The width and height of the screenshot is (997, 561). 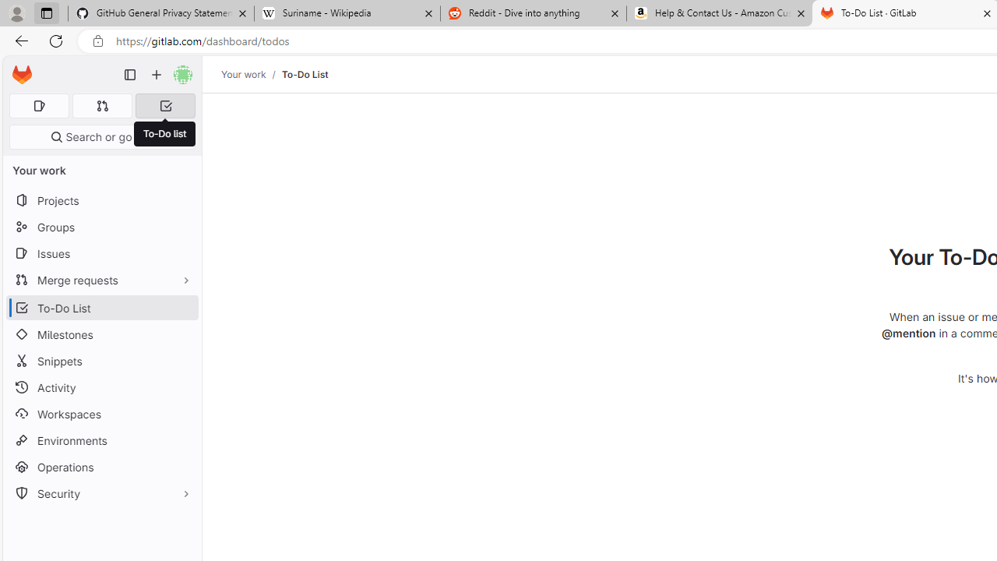 I want to click on 'To-Do list 0', so click(x=165, y=105).